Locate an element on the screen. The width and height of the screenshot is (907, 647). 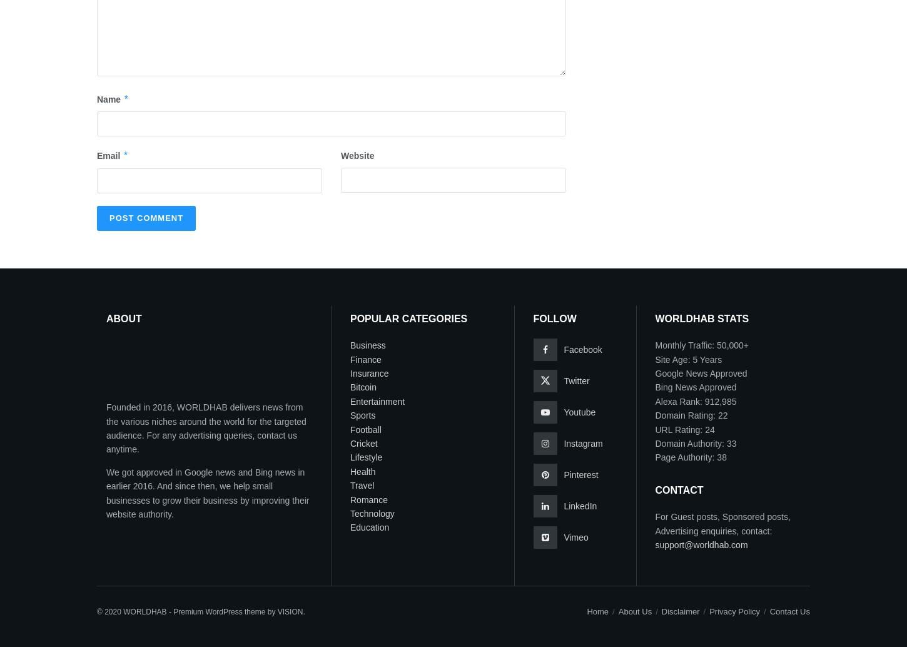
'Google News Approved' is located at coordinates (655, 374).